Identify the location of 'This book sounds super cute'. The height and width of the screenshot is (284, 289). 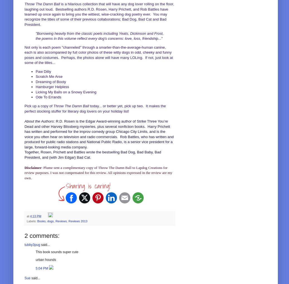
(35, 251).